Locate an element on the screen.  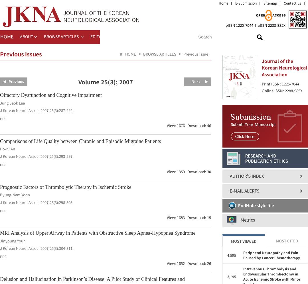
'FOR CONTRIBUTORS' is located at coordinates (136, 36).